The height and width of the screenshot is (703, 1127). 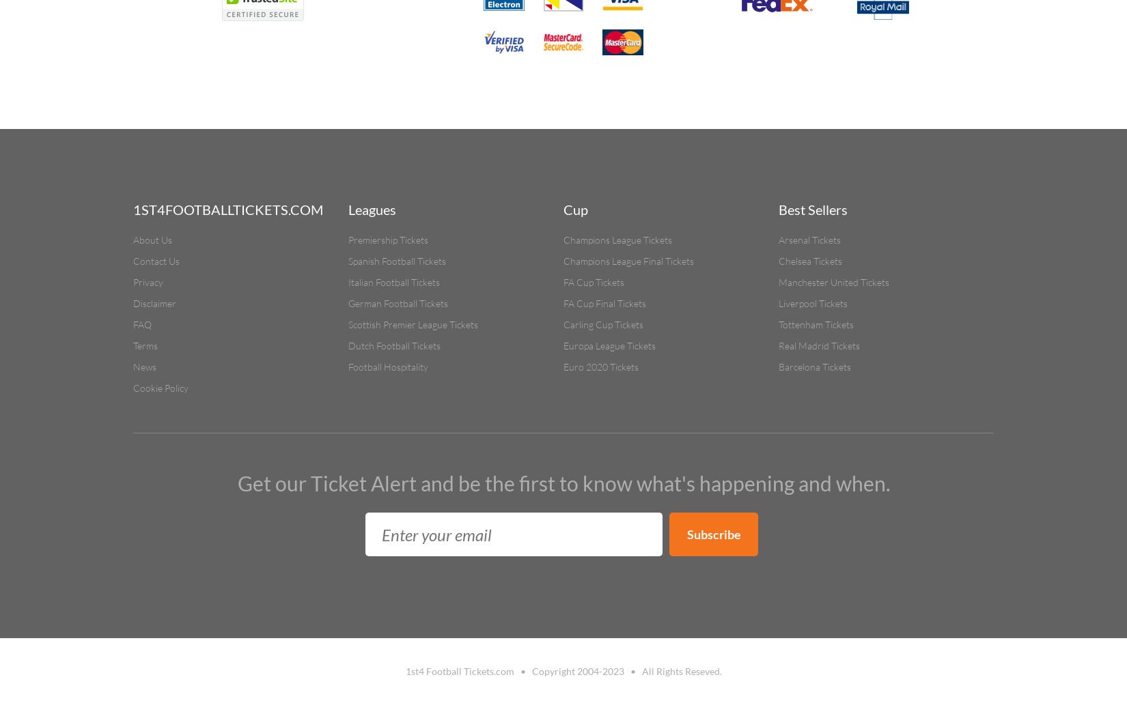 What do you see at coordinates (393, 282) in the screenshot?
I see `'Italian Football Tickets'` at bounding box center [393, 282].